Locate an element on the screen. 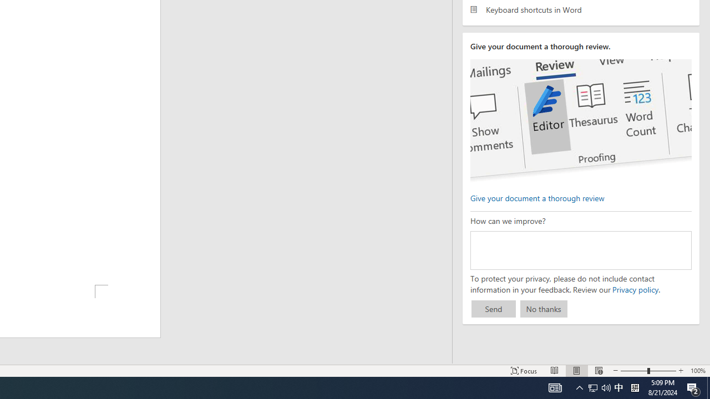 This screenshot has width=710, height=399. 'Zoom In' is located at coordinates (680, 371).